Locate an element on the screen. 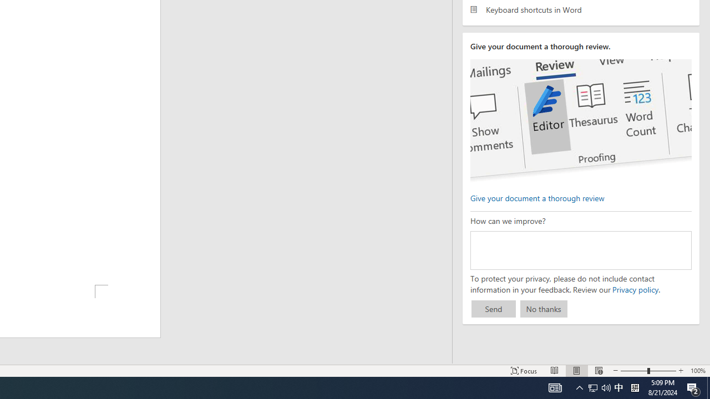 This screenshot has width=710, height=399. 'Zoom In' is located at coordinates (680, 371).